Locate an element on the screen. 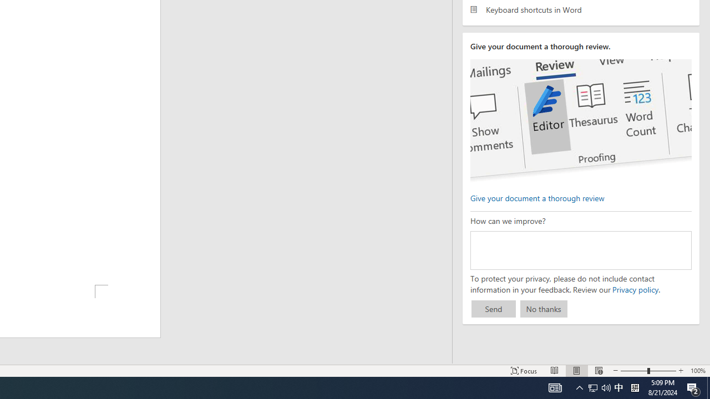 This screenshot has width=710, height=399. 'Zoom In' is located at coordinates (680, 371).